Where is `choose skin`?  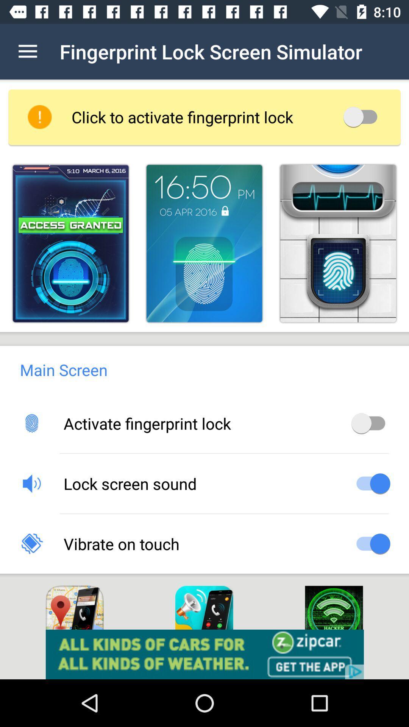 choose skin is located at coordinates (337, 243).